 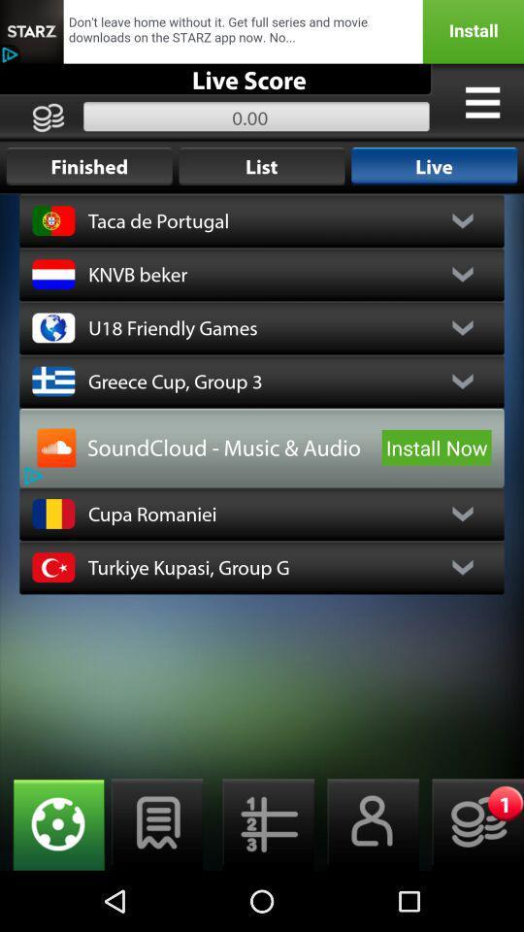 What do you see at coordinates (471, 882) in the screenshot?
I see `the emoji icon` at bounding box center [471, 882].